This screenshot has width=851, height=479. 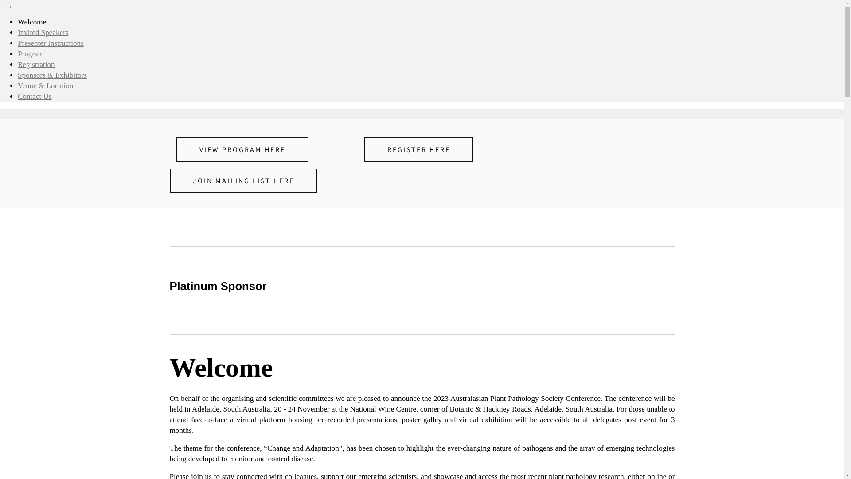 What do you see at coordinates (418, 149) in the screenshot?
I see `'REGISTER HERE'` at bounding box center [418, 149].